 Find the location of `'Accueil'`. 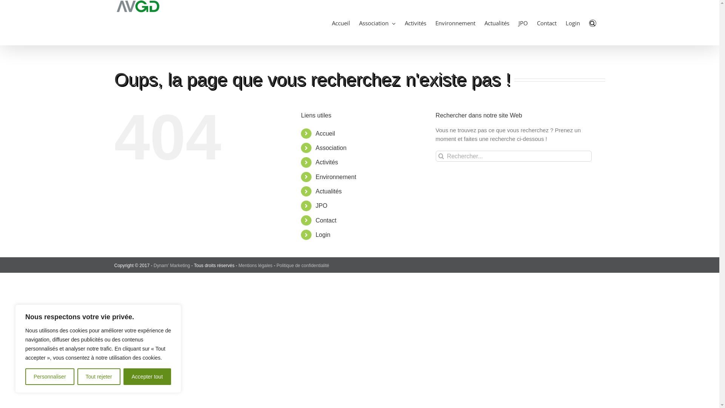

'Accueil' is located at coordinates (325, 133).